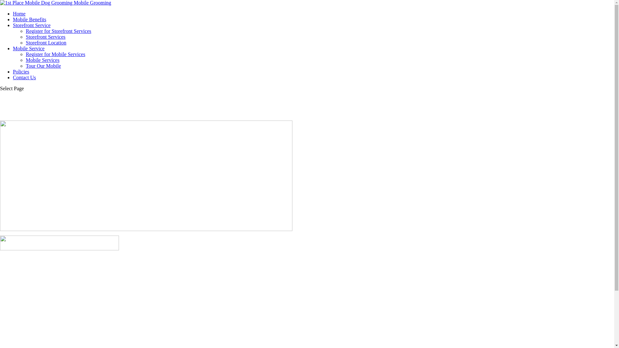  Describe the element at coordinates (43, 66) in the screenshot. I see `'Tour Our Mobile'` at that location.